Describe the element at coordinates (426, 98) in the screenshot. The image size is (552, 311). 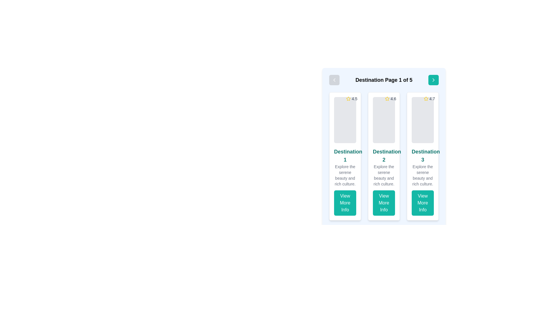
I see `the yellow star-shaped icon indicating a rating of '4.7'` at that location.